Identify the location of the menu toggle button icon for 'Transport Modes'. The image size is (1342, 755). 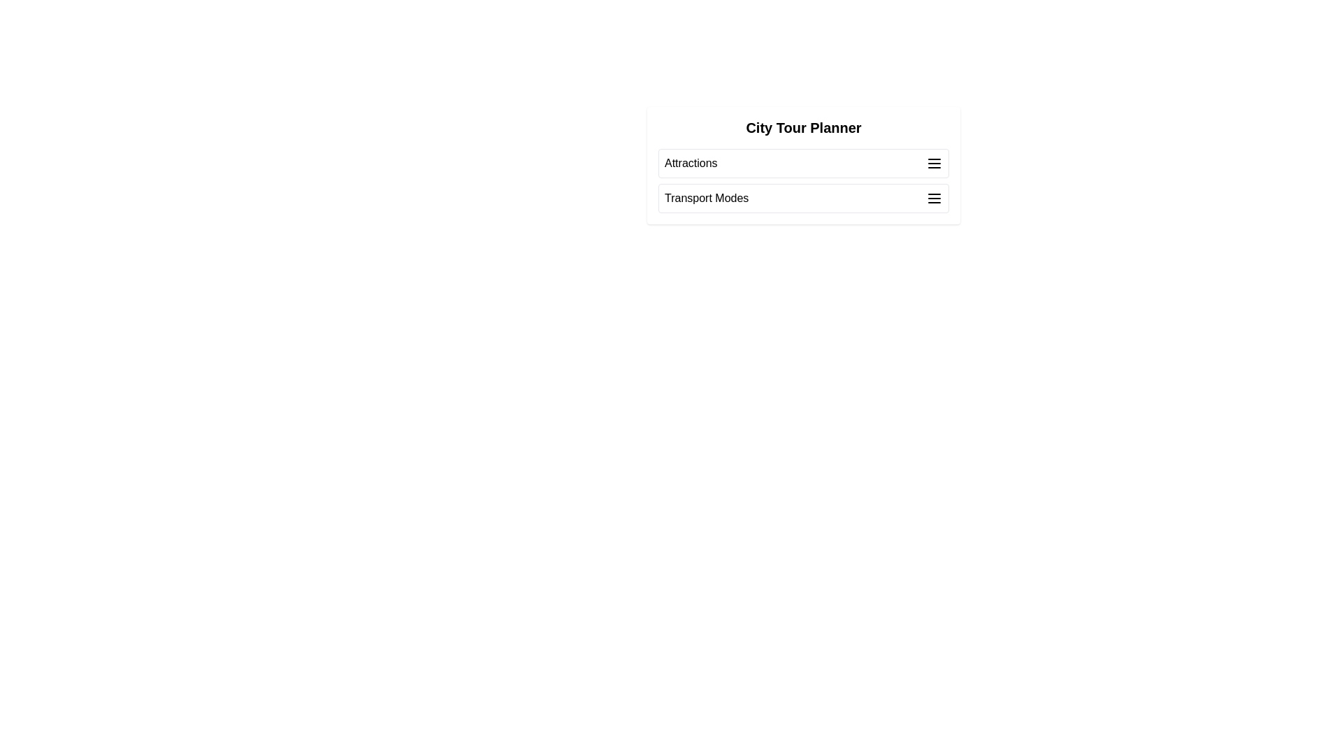
(935, 199).